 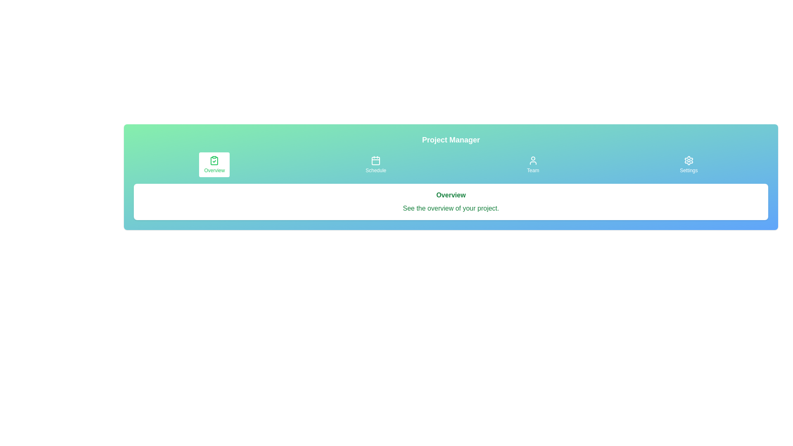 I want to click on the clipboard icon with a checkmark, so click(x=214, y=161).